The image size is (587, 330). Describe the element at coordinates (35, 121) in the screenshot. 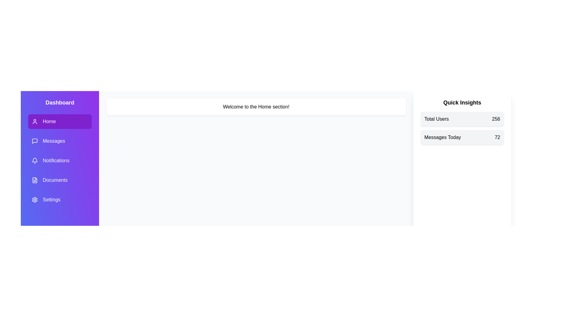

I see `the decorative 'Home' SVG icon located in the sidebar, to the left of the text label 'Home'` at that location.